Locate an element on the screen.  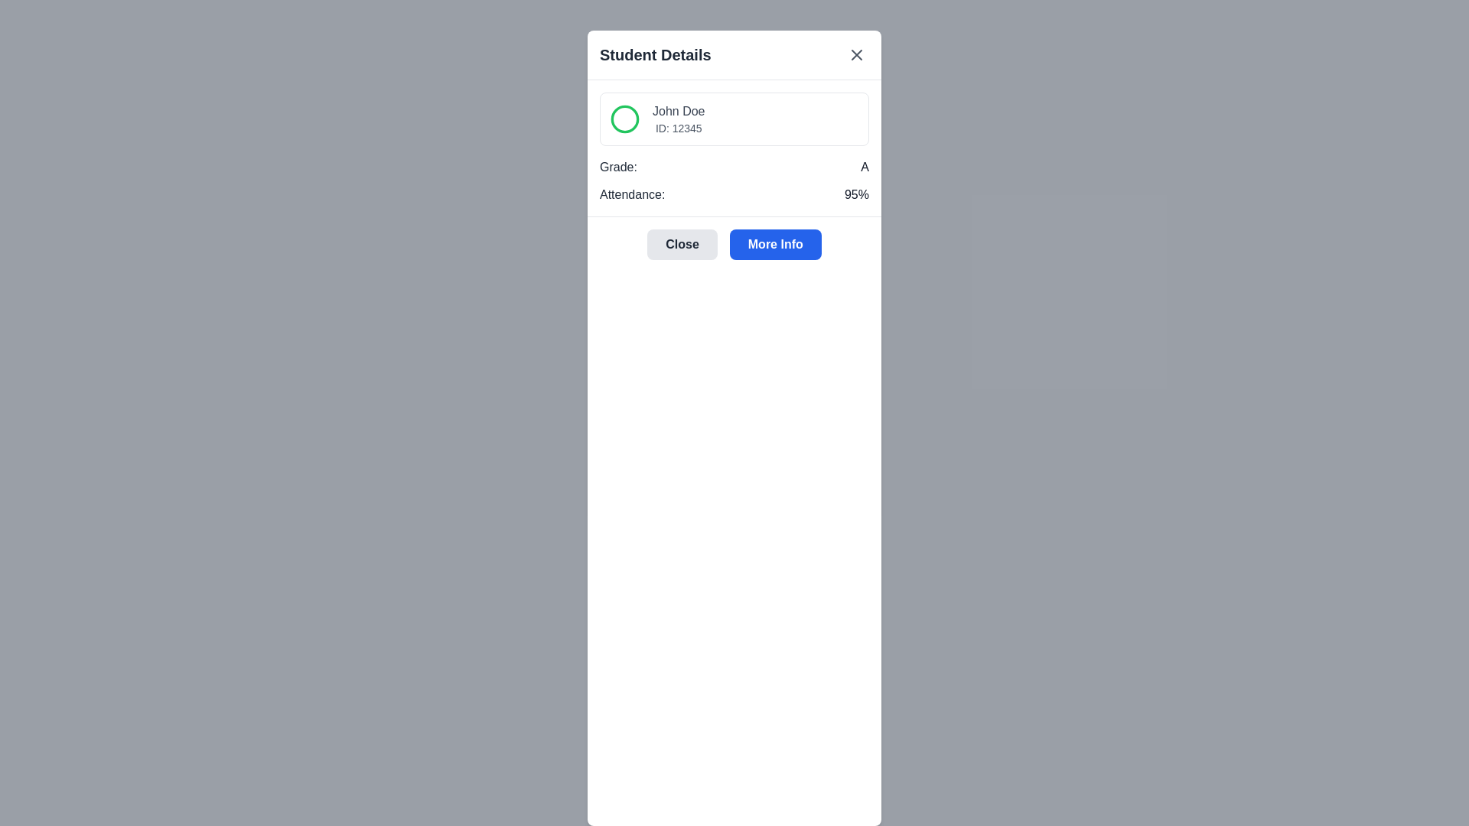
the close button located at the bottom center of the modal is located at coordinates (682, 244).